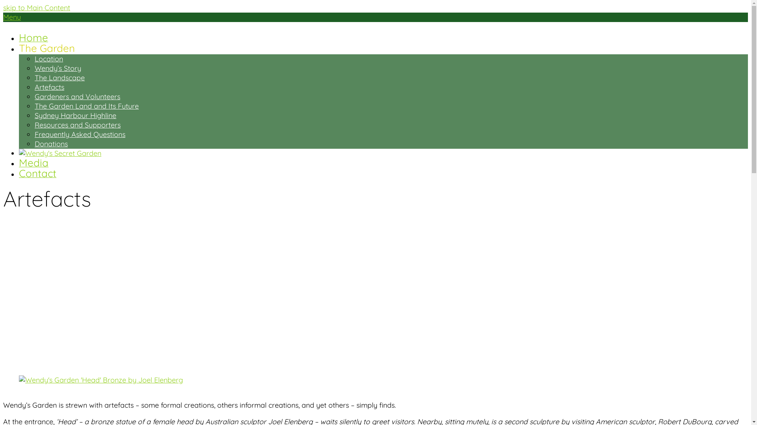  What do you see at coordinates (49, 87) in the screenshot?
I see `'Artefacts'` at bounding box center [49, 87].